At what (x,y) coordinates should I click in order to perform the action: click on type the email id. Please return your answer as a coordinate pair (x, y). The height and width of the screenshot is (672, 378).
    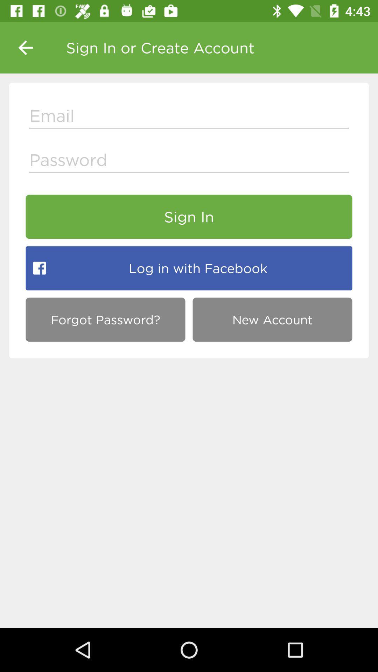
    Looking at the image, I should click on (189, 118).